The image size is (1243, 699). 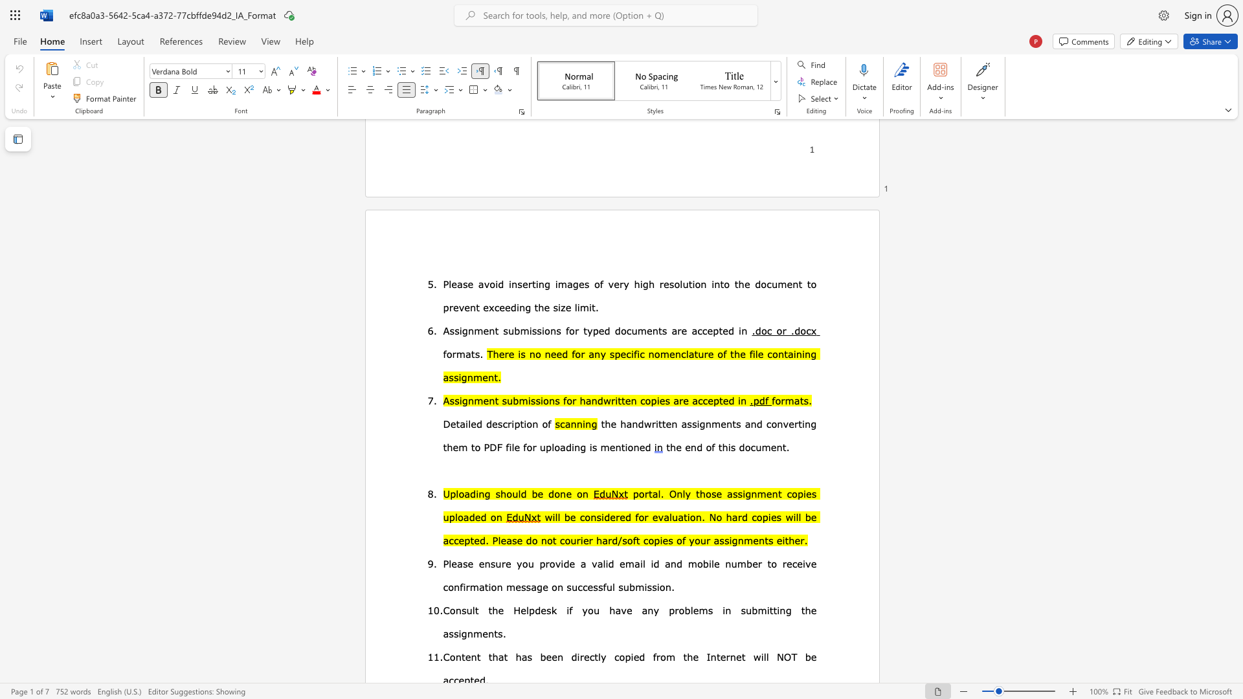 What do you see at coordinates (463, 516) in the screenshot?
I see `the subset text "aded o" within the text "portal. Only those assignment copies uploaded on"` at bounding box center [463, 516].